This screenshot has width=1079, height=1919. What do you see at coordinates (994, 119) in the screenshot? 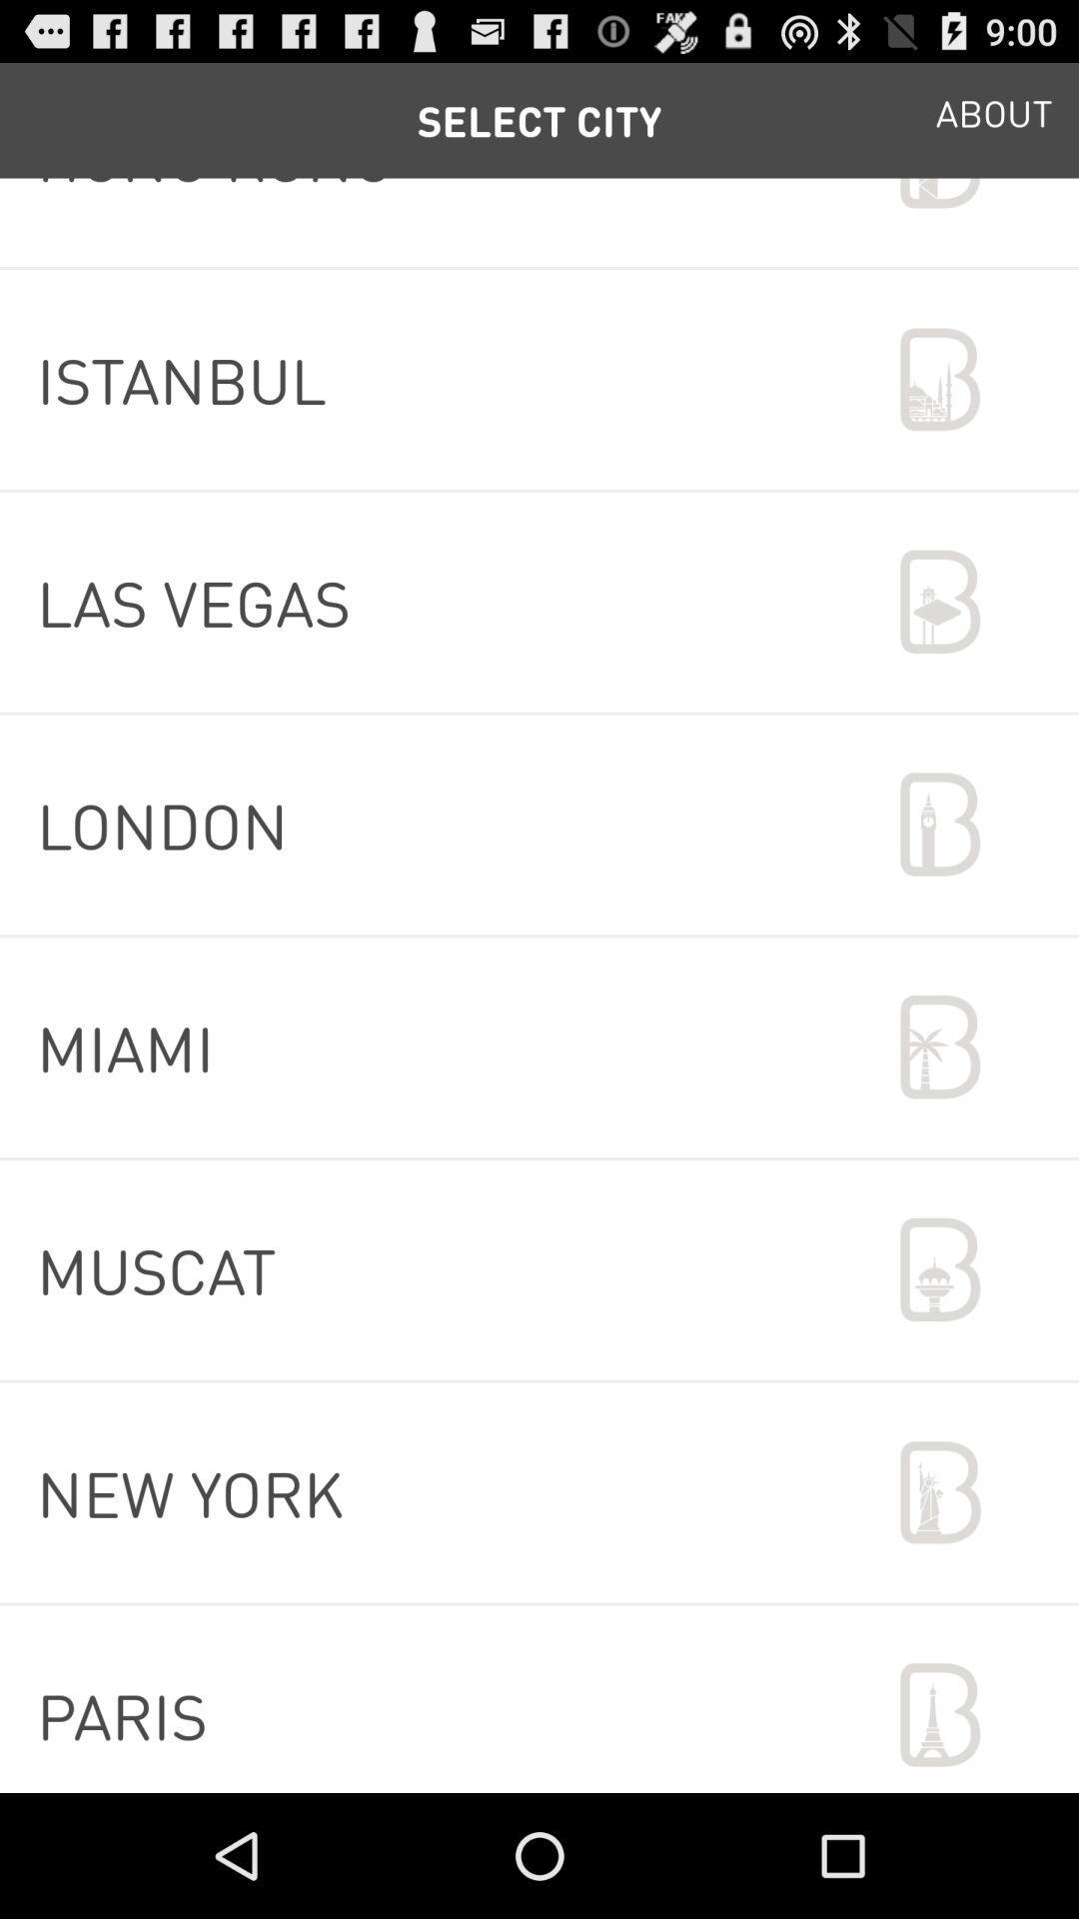
I see `about item` at bounding box center [994, 119].